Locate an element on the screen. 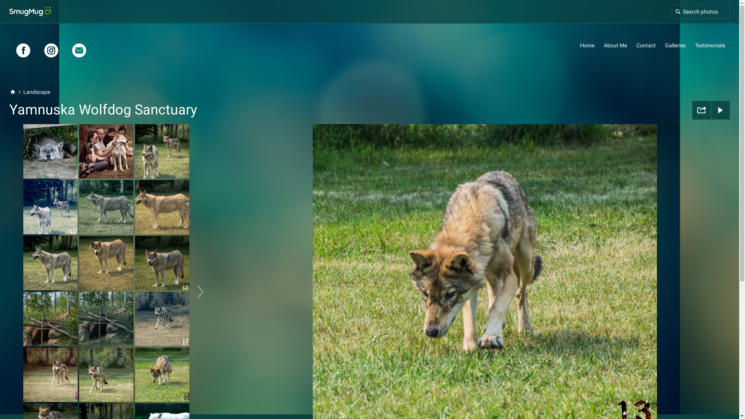  'Home' is located at coordinates (587, 45).